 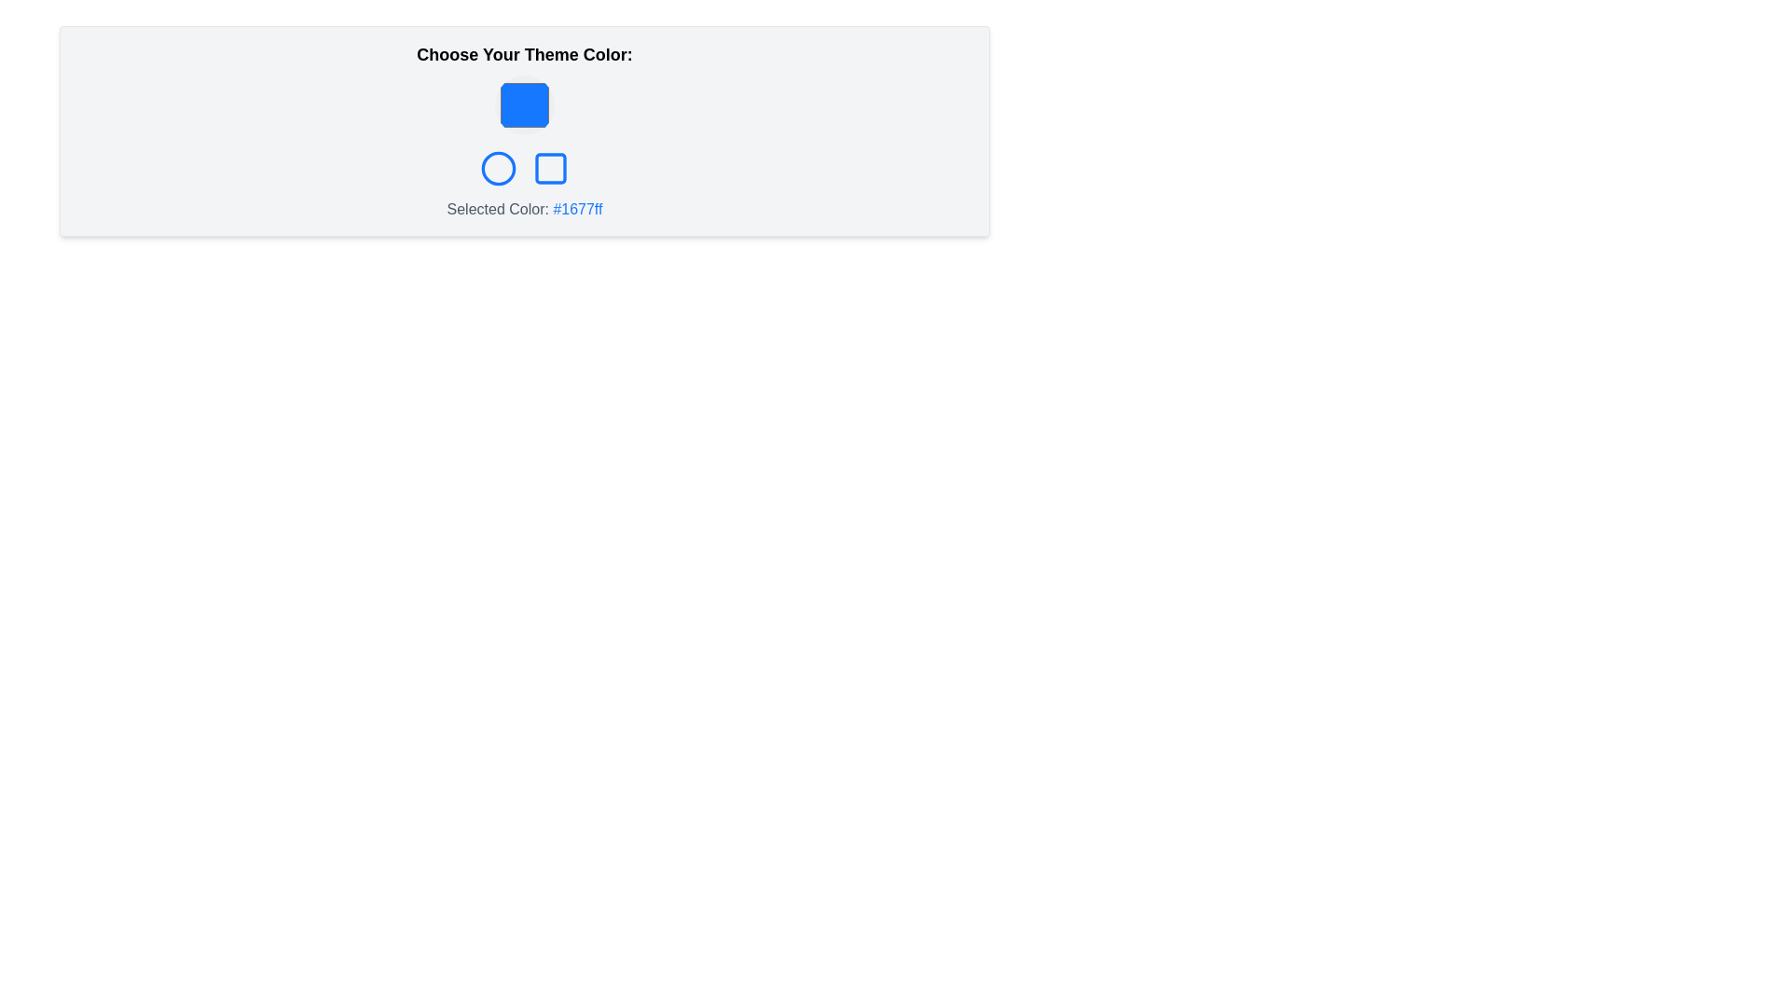 What do you see at coordinates (498, 169) in the screenshot?
I see `the first circular icon with a blue border below the heading 'Choose Your Theme Color:'` at bounding box center [498, 169].